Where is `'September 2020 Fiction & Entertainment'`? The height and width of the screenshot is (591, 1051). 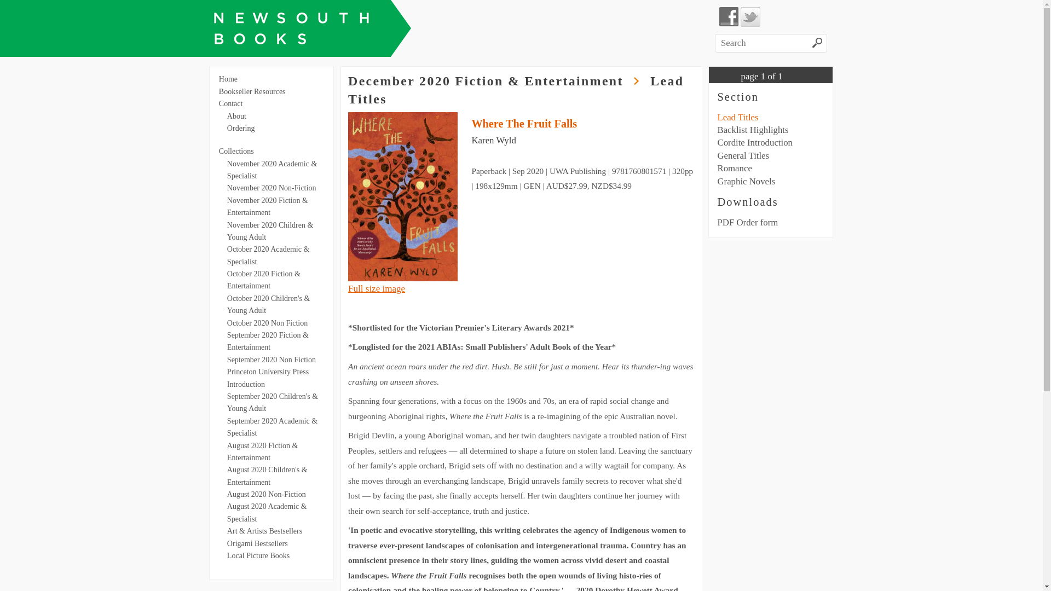 'September 2020 Fiction & Entertainment' is located at coordinates (268, 340).